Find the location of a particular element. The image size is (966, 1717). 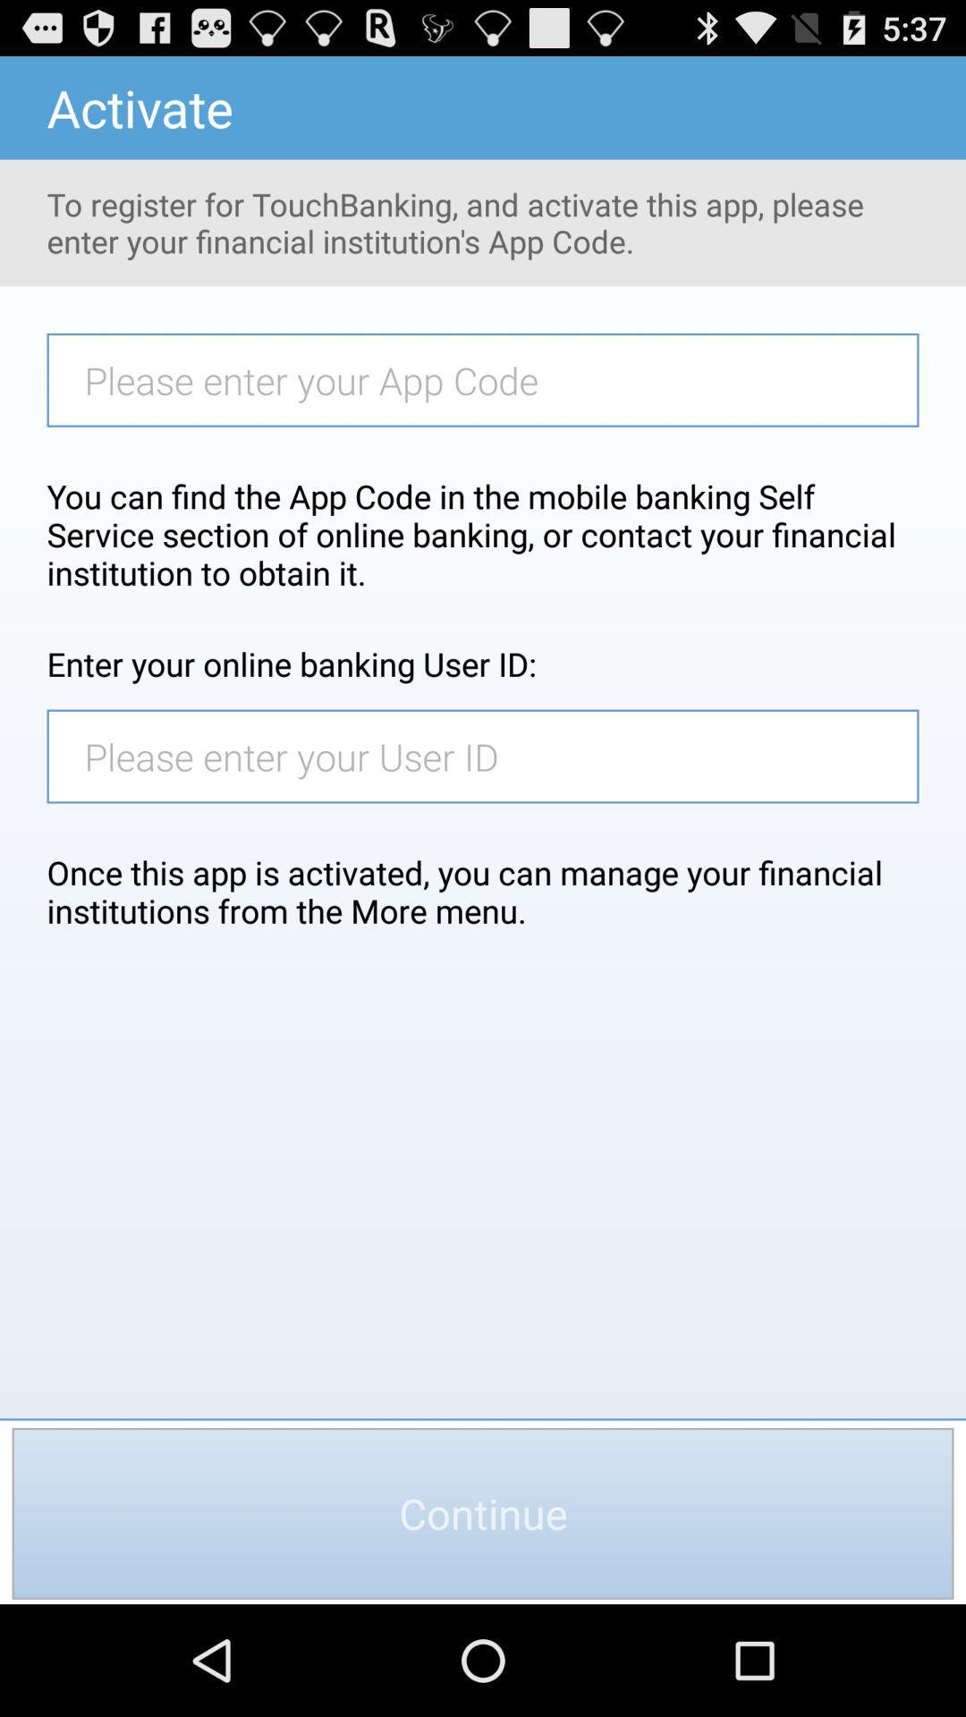

code is located at coordinates (492, 379).